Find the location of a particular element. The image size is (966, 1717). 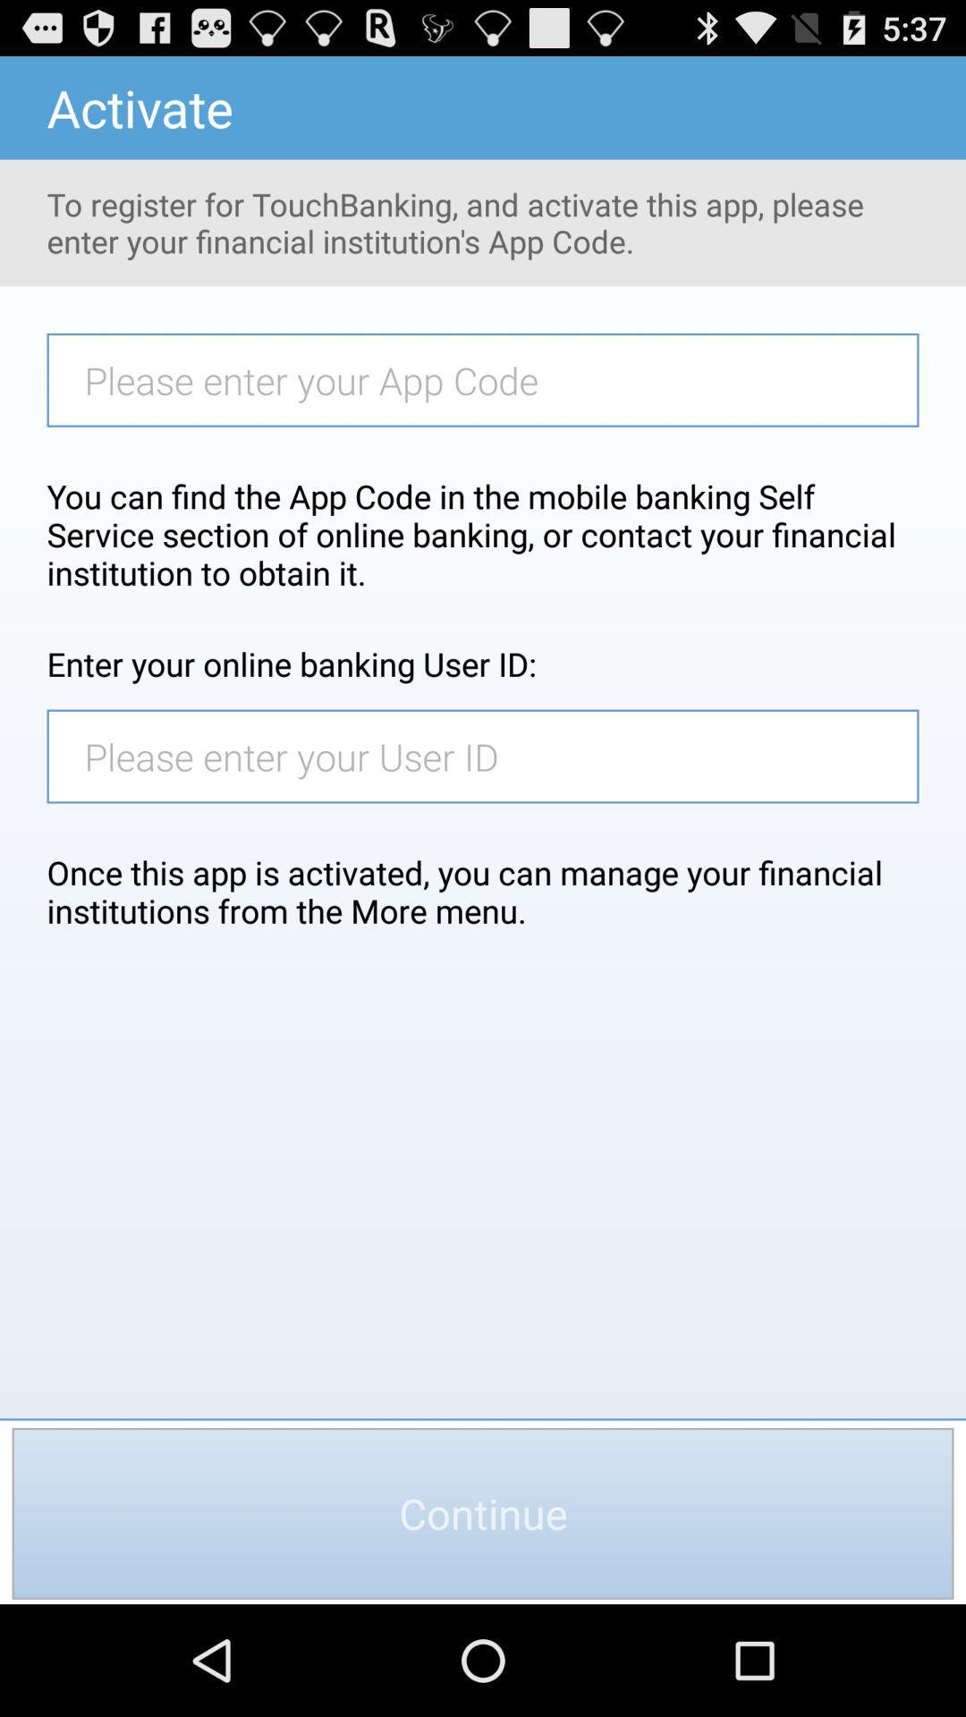

code is located at coordinates (492, 379).